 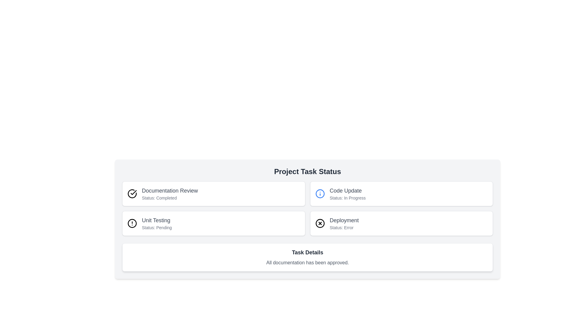 I want to click on the red circular graphical element within the alert icon in the 'Unit Testing' section that indicates 'Status: Pending', so click(x=132, y=223).